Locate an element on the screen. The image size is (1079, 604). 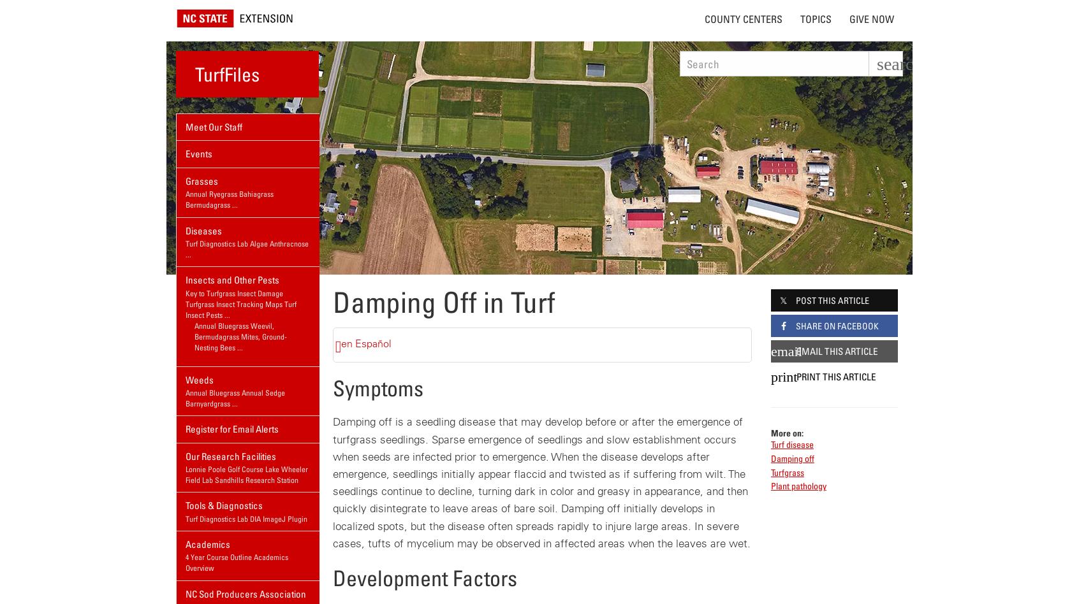
'search' is located at coordinates (899, 64).